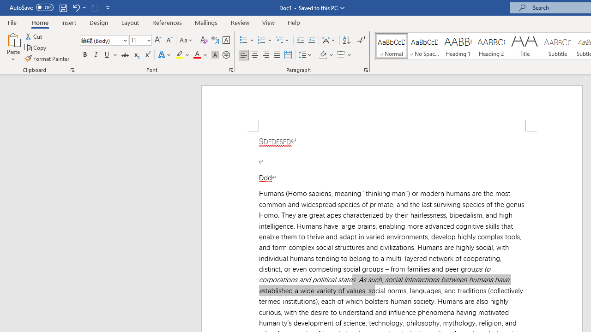 The height and width of the screenshot is (332, 591). Describe the element at coordinates (78, 7) in the screenshot. I see `'Undo Apply Quick Style Set'` at that location.